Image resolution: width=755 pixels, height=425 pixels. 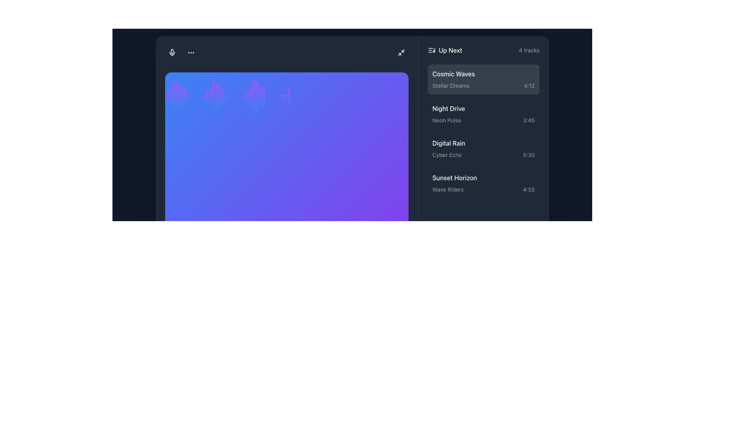 What do you see at coordinates (260, 96) in the screenshot?
I see `the 29th vertical gradient bar in the wave visualization, which is located in the upper-left area of the interface above a gradient purple-blue background` at bounding box center [260, 96].